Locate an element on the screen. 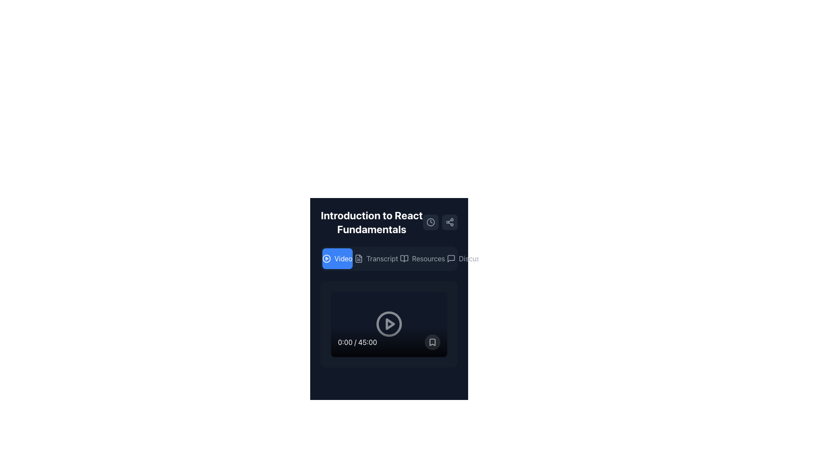 This screenshot has width=833, height=468. the first icon in the 'Resources' group, located to the left of the 'Resources' text and the 'Discuss' icon is located at coordinates (403, 258).